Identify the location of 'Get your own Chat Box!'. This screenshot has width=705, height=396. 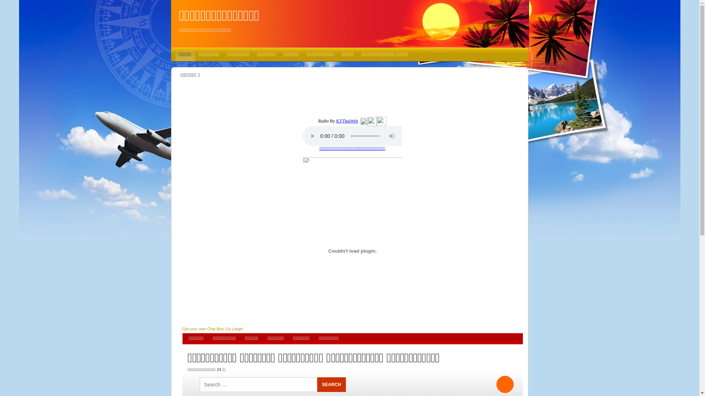
(182, 329).